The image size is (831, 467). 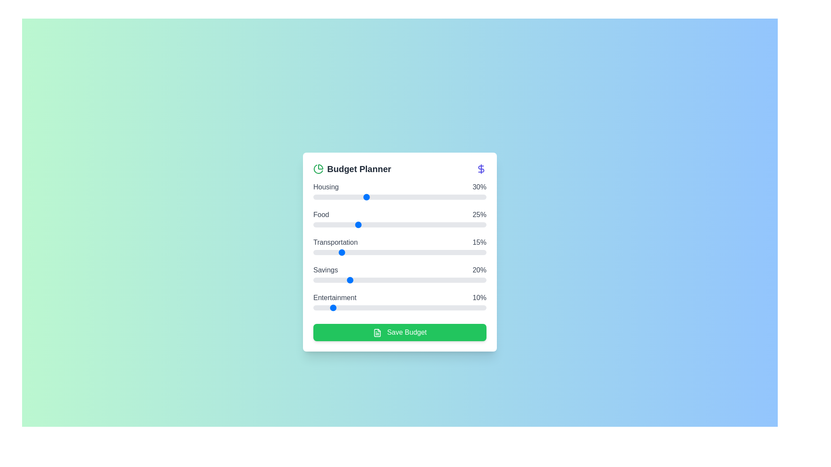 What do you see at coordinates (346, 252) in the screenshot?
I see `the 'Transportation' slider to 19%` at bounding box center [346, 252].